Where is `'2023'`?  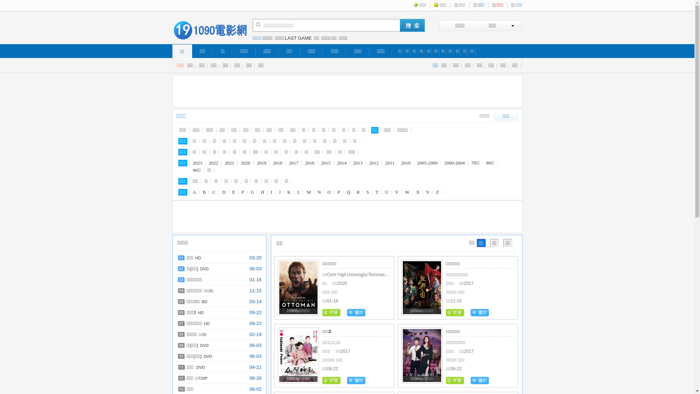 '2023' is located at coordinates (198, 163).